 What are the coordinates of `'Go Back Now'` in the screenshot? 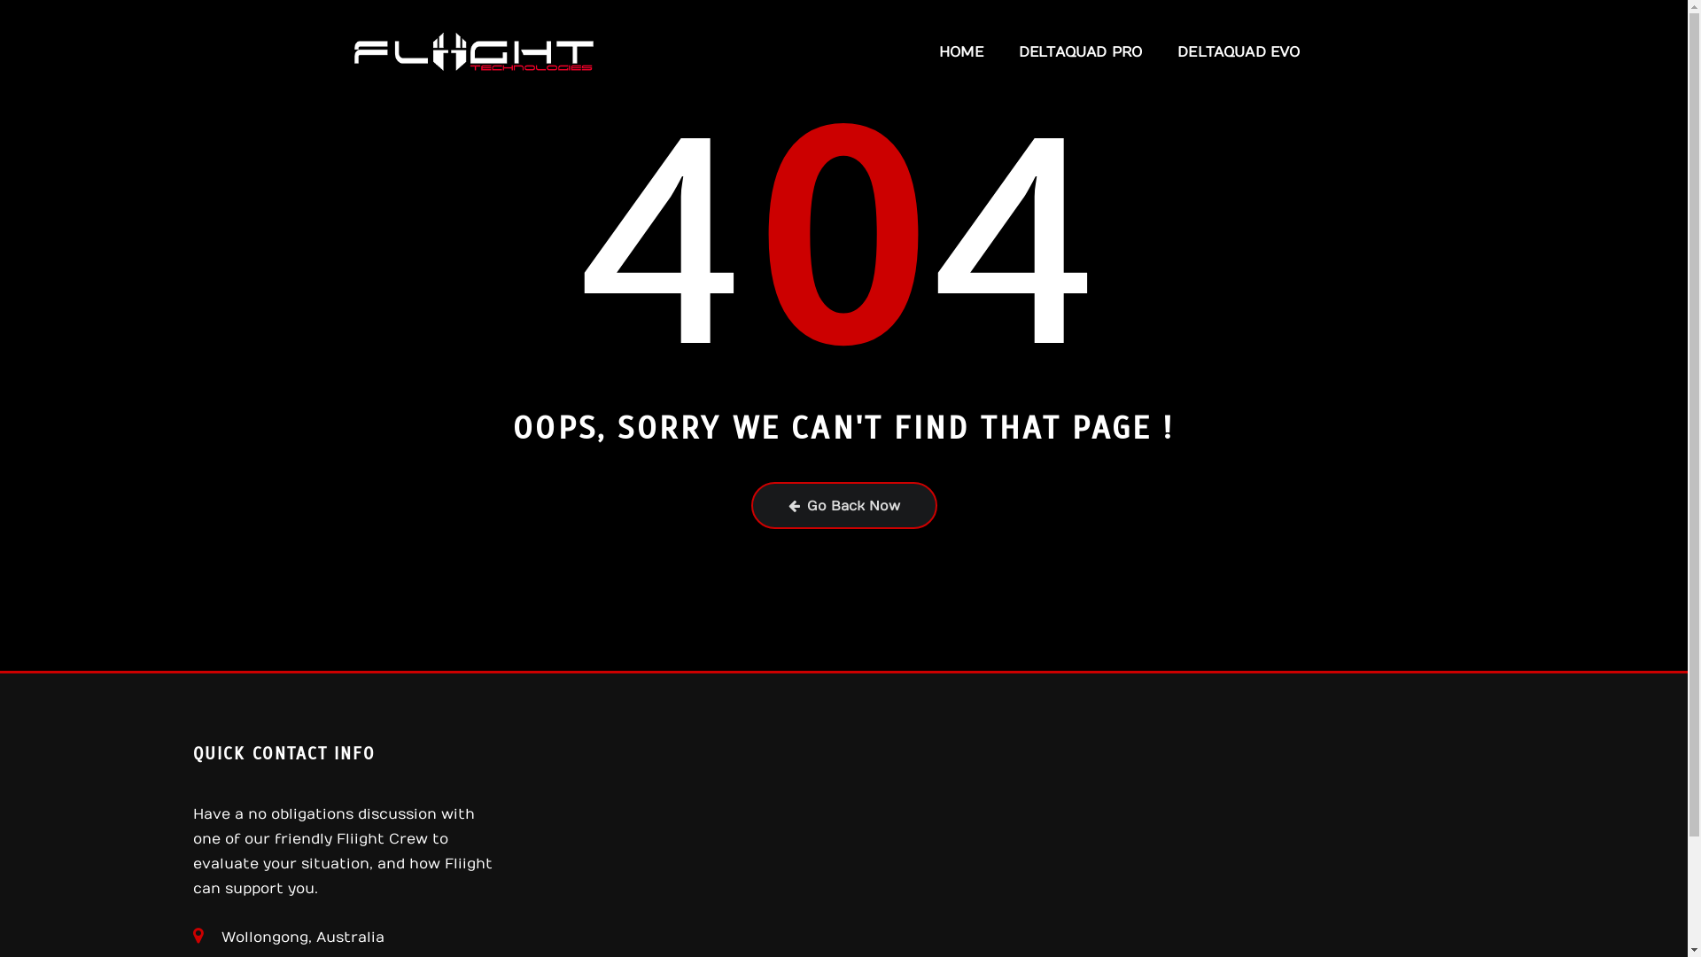 It's located at (751, 505).